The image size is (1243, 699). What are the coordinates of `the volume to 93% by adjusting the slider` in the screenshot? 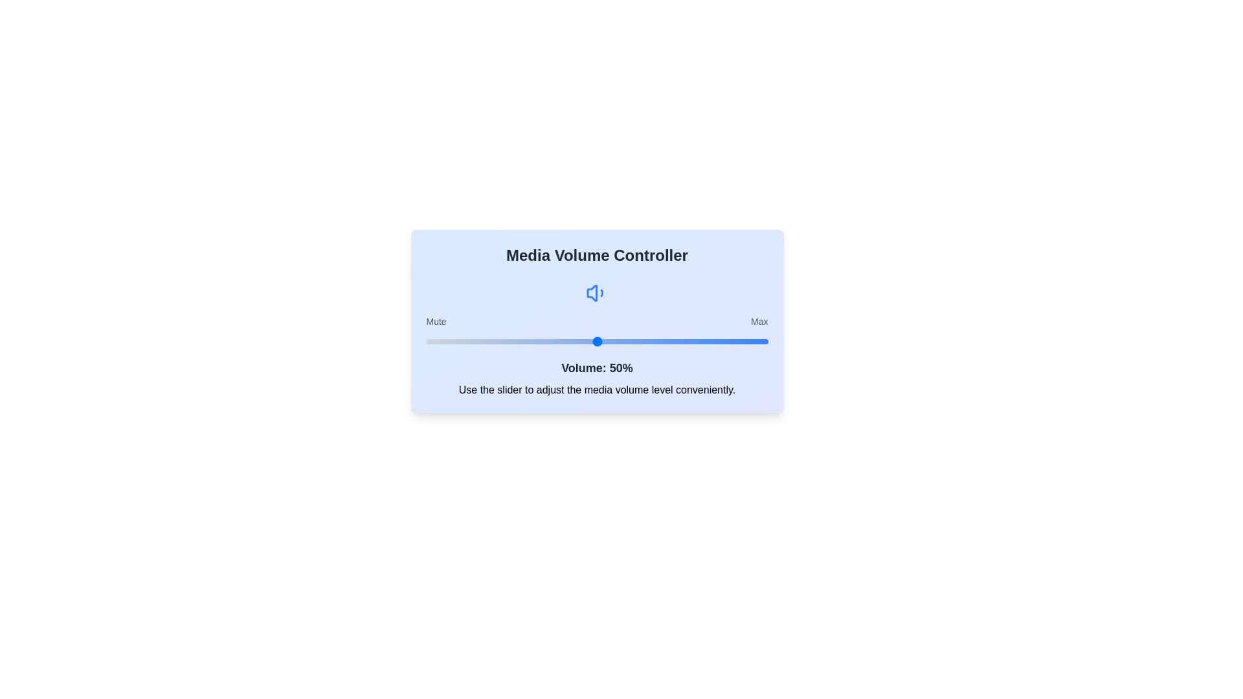 It's located at (744, 341).